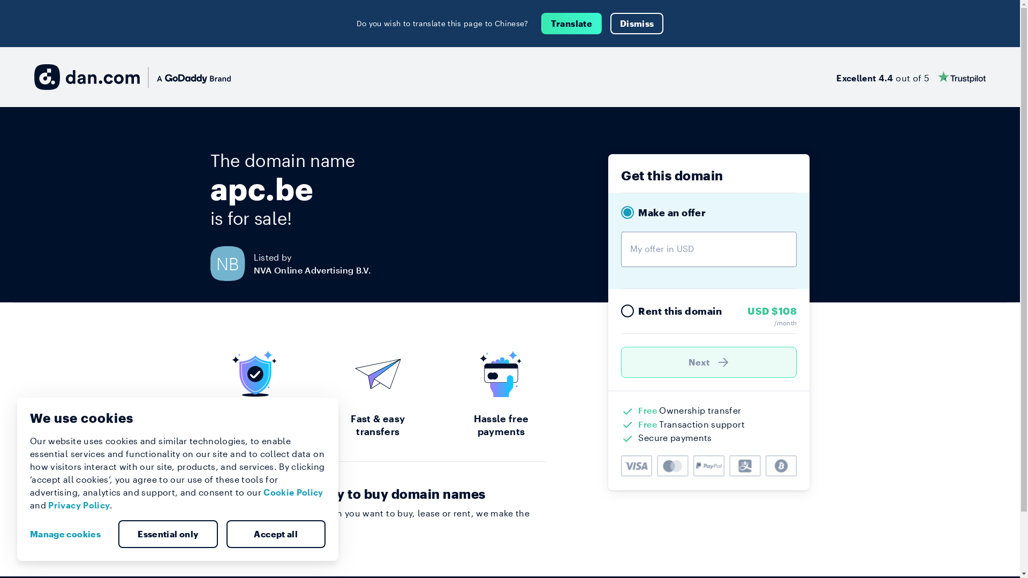  I want to click on 'Privacy Policy', so click(48, 505).